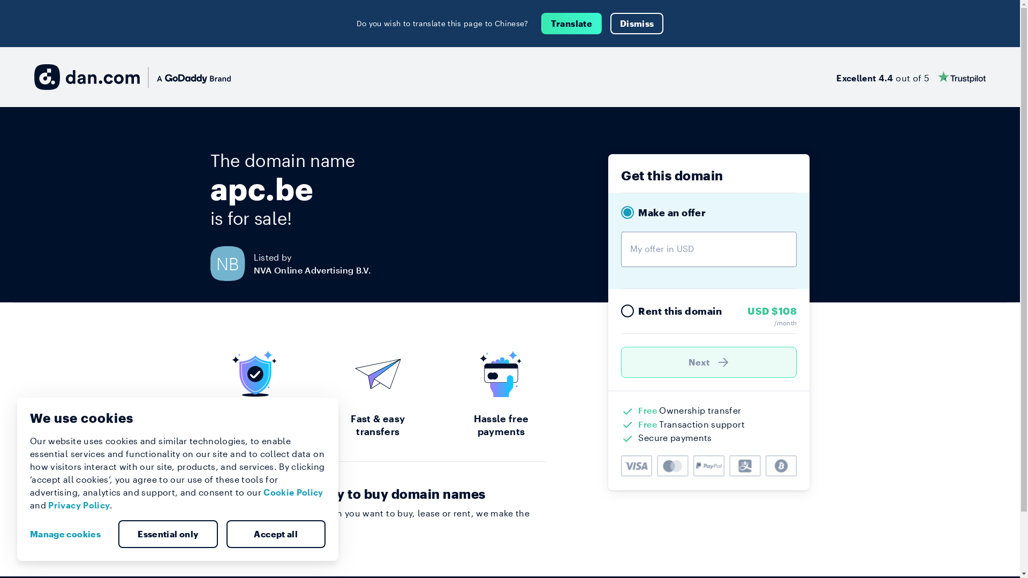  I want to click on 'Privacy Policy', so click(48, 505).